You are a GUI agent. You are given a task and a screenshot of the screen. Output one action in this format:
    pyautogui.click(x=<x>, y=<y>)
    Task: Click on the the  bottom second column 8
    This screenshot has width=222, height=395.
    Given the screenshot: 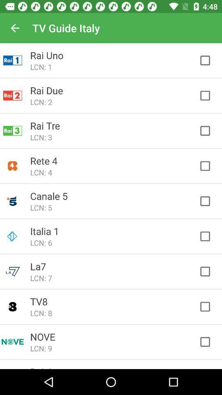 What is the action you would take?
    pyautogui.click(x=12, y=306)
    